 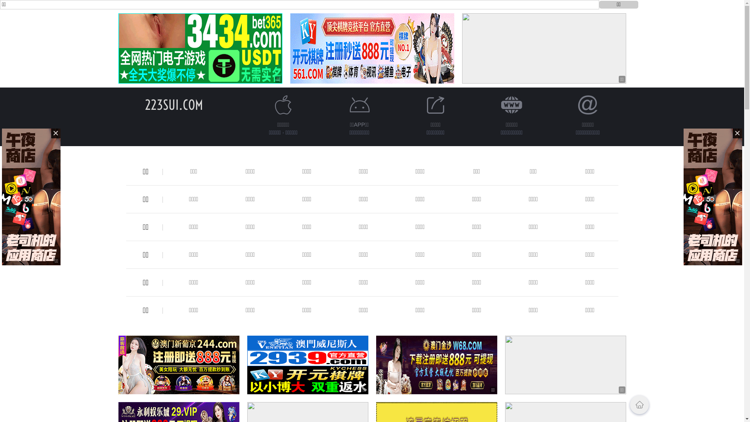 I want to click on '223SUI.COM', so click(x=173, y=104).